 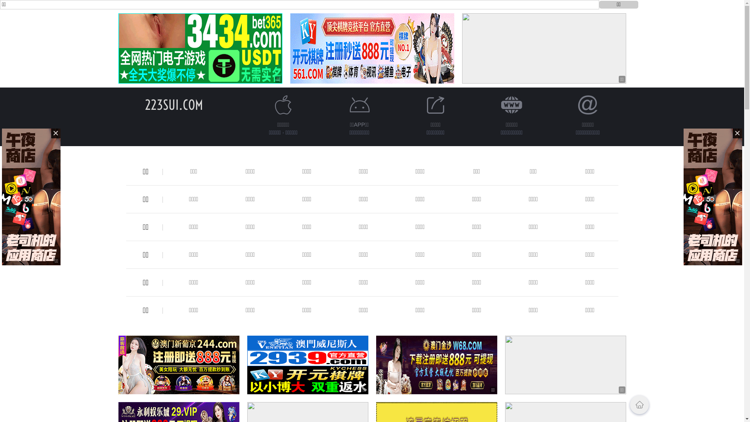 I want to click on '223SUI.COM', so click(x=173, y=104).